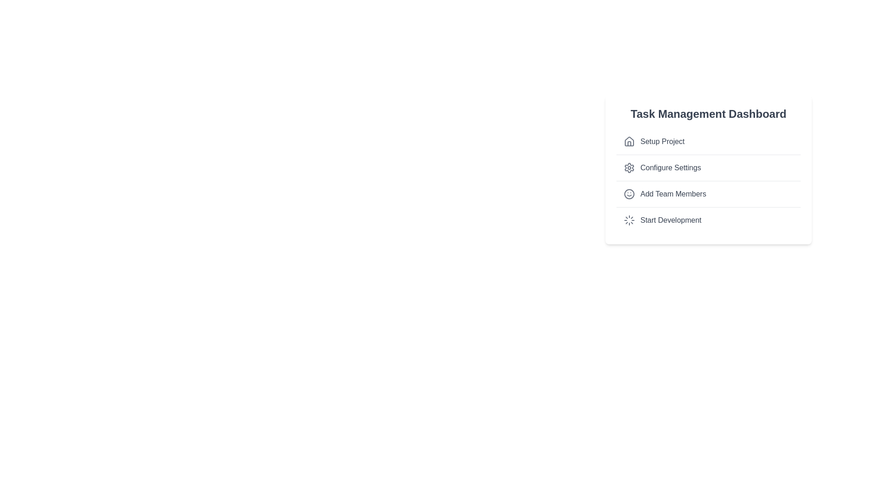 The image size is (884, 497). What do you see at coordinates (629, 193) in the screenshot?
I see `the circular outline within the smiling face icon, which is the third item in the vertical list on the Task Management Dashboard` at bounding box center [629, 193].